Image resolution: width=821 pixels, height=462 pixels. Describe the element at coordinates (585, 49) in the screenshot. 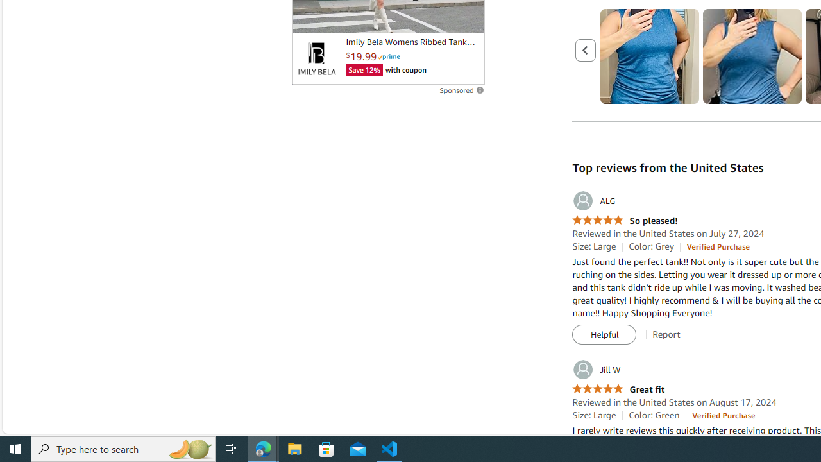

I see `'Previous page'` at that location.